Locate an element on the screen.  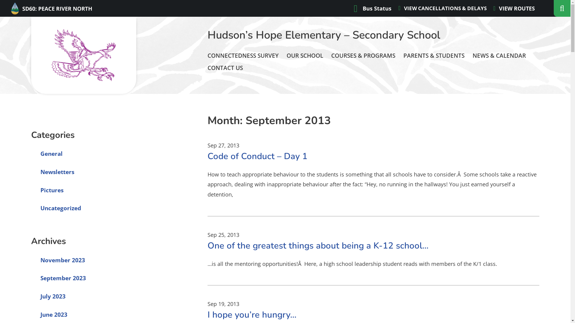
'June 2023' is located at coordinates (49, 314).